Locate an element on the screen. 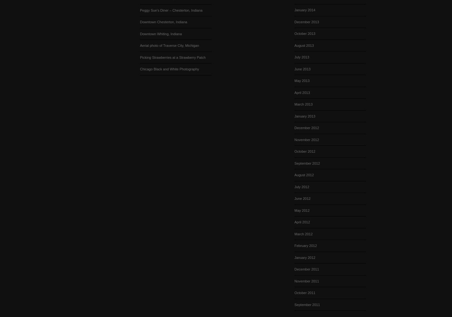 Image resolution: width=452 pixels, height=317 pixels. 'June 2013' is located at coordinates (302, 68).